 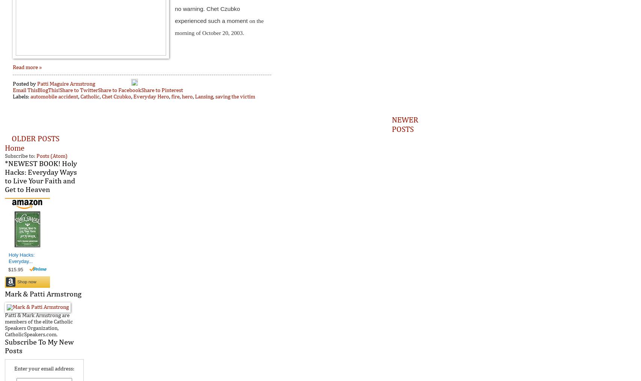 What do you see at coordinates (119, 90) in the screenshot?
I see `'Share to Facebook'` at bounding box center [119, 90].